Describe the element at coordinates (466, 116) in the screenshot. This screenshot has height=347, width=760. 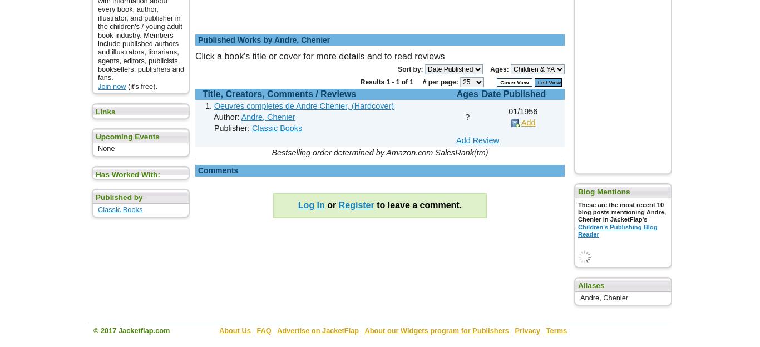
I see `'?'` at that location.